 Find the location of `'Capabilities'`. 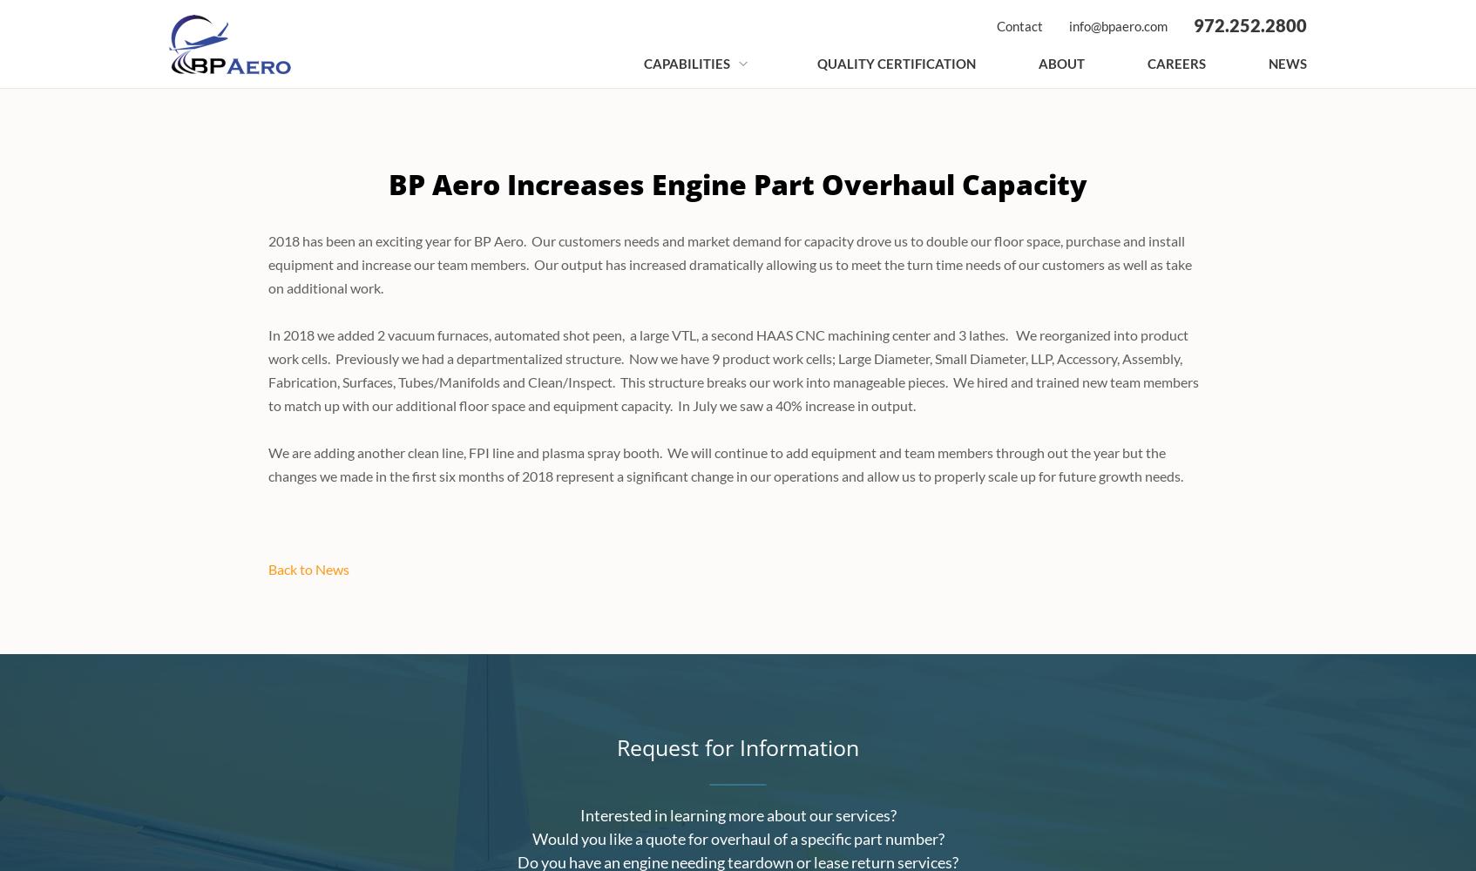

'Capabilities' is located at coordinates (687, 63).